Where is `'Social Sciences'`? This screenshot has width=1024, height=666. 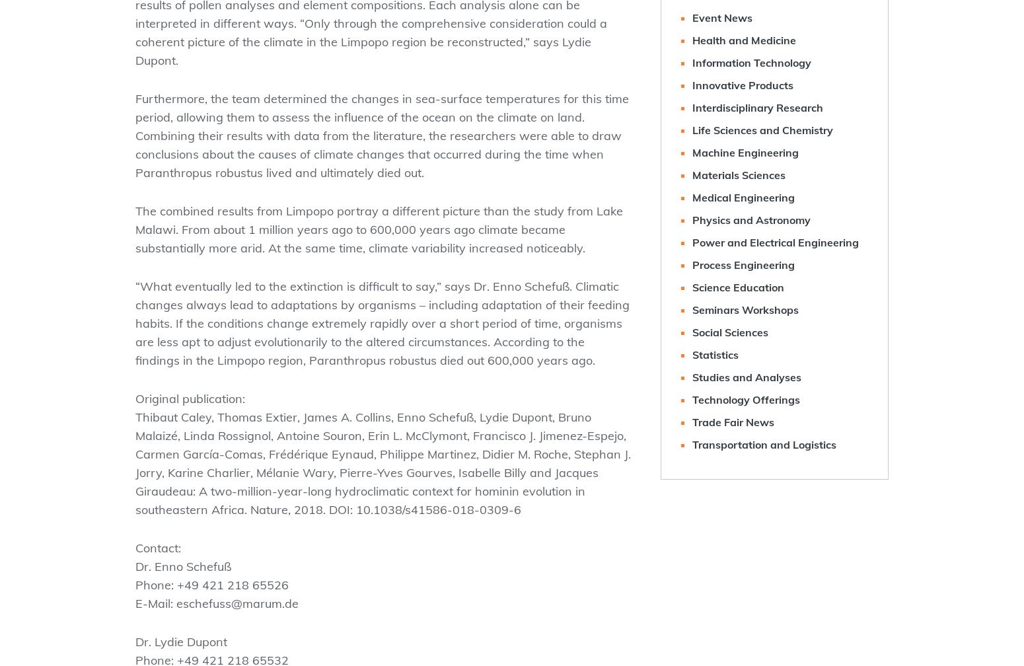 'Social Sciences' is located at coordinates (729, 332).